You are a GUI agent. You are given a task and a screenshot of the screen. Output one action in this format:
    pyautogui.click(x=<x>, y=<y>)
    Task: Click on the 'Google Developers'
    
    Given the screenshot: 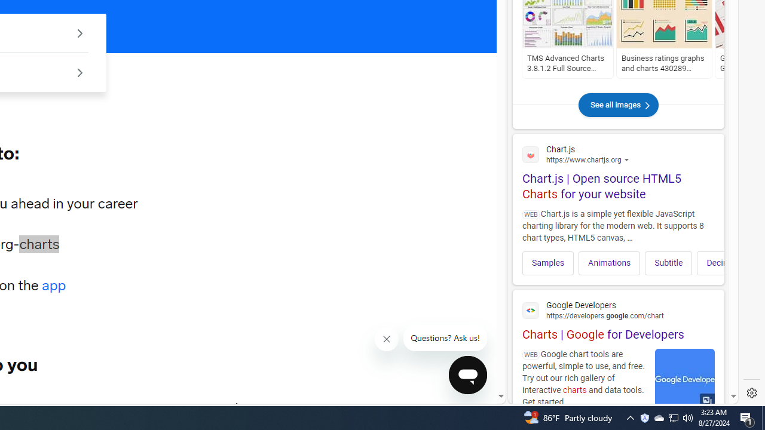 What is the action you would take?
    pyautogui.click(x=618, y=309)
    